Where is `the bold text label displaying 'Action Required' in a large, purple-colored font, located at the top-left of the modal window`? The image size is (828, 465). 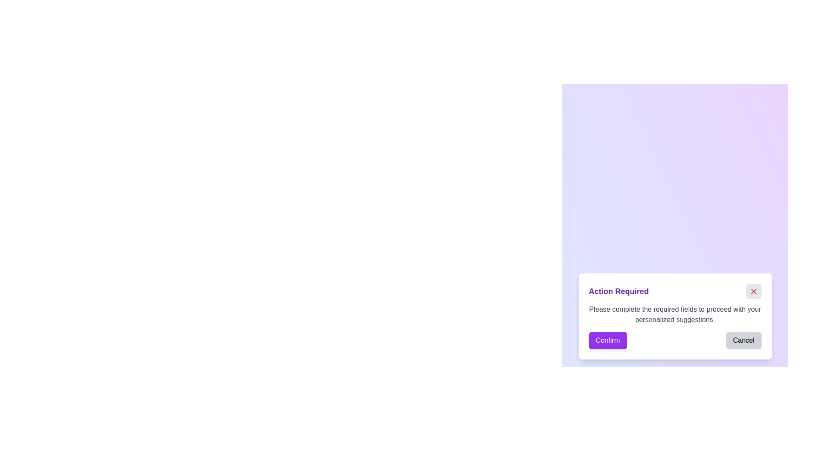
the bold text label displaying 'Action Required' in a large, purple-colored font, located at the top-left of the modal window is located at coordinates (618, 291).